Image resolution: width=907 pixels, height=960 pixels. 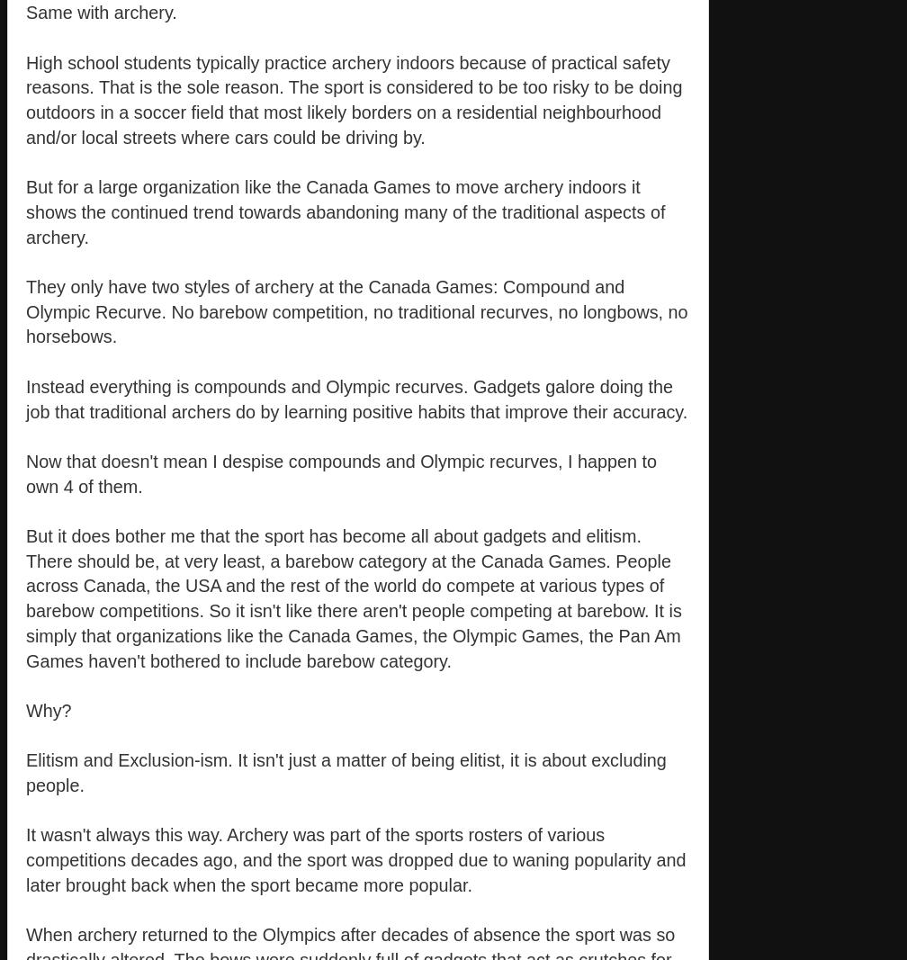 I want to click on 'They only have two styles of archery at the Canada Games: Compound and Olympic Recurve. No barebow competition, no traditional recurves, no longbows, no horsebows.', so click(x=26, y=311).